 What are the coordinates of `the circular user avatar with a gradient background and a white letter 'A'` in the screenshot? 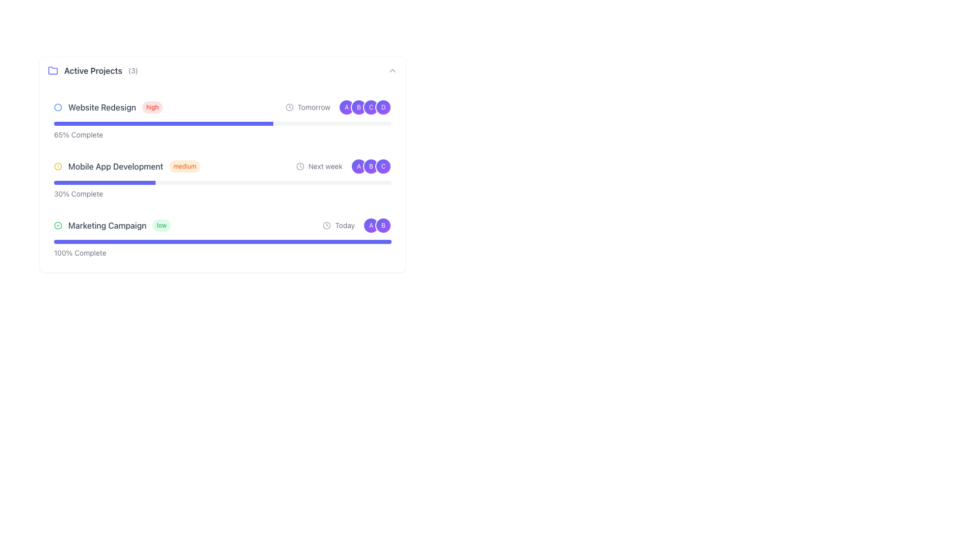 It's located at (347, 107).